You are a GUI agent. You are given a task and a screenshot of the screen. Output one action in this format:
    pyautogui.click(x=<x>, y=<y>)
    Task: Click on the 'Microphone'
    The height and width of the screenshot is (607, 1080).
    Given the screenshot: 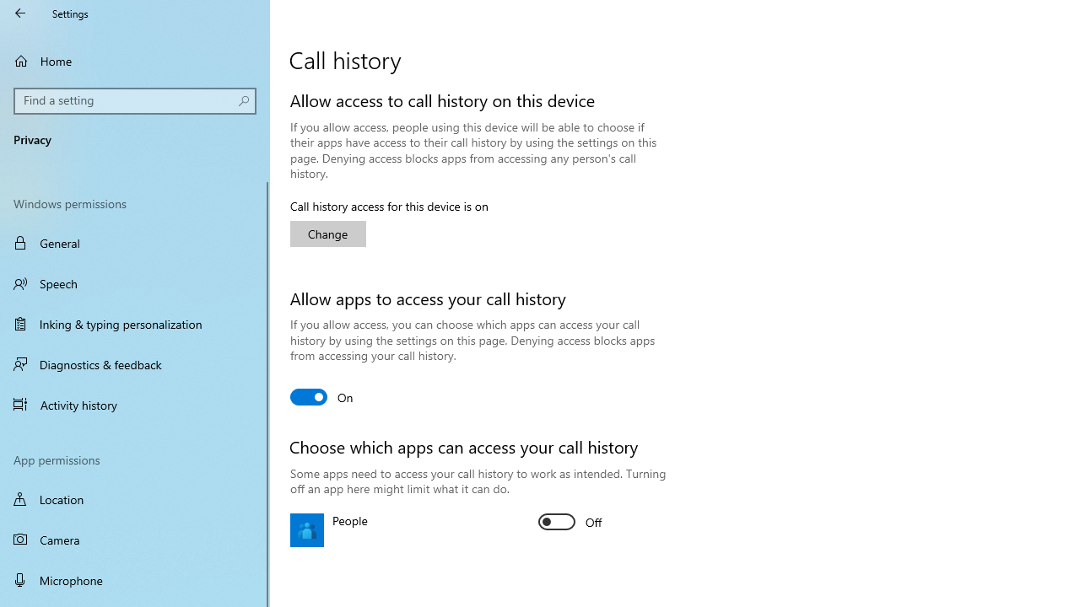 What is the action you would take?
    pyautogui.click(x=135, y=578)
    